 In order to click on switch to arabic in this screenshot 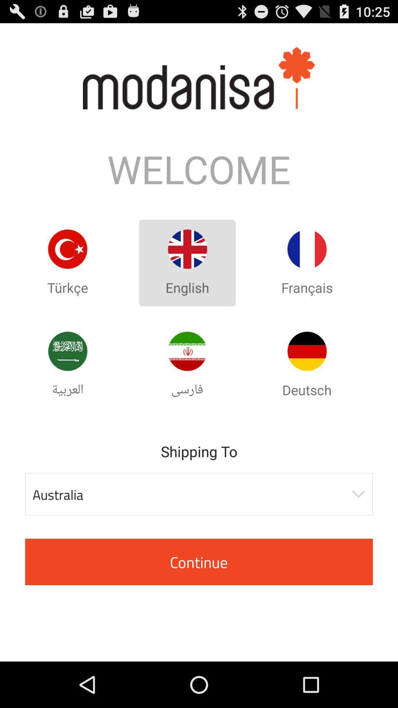, I will do `click(67, 351)`.